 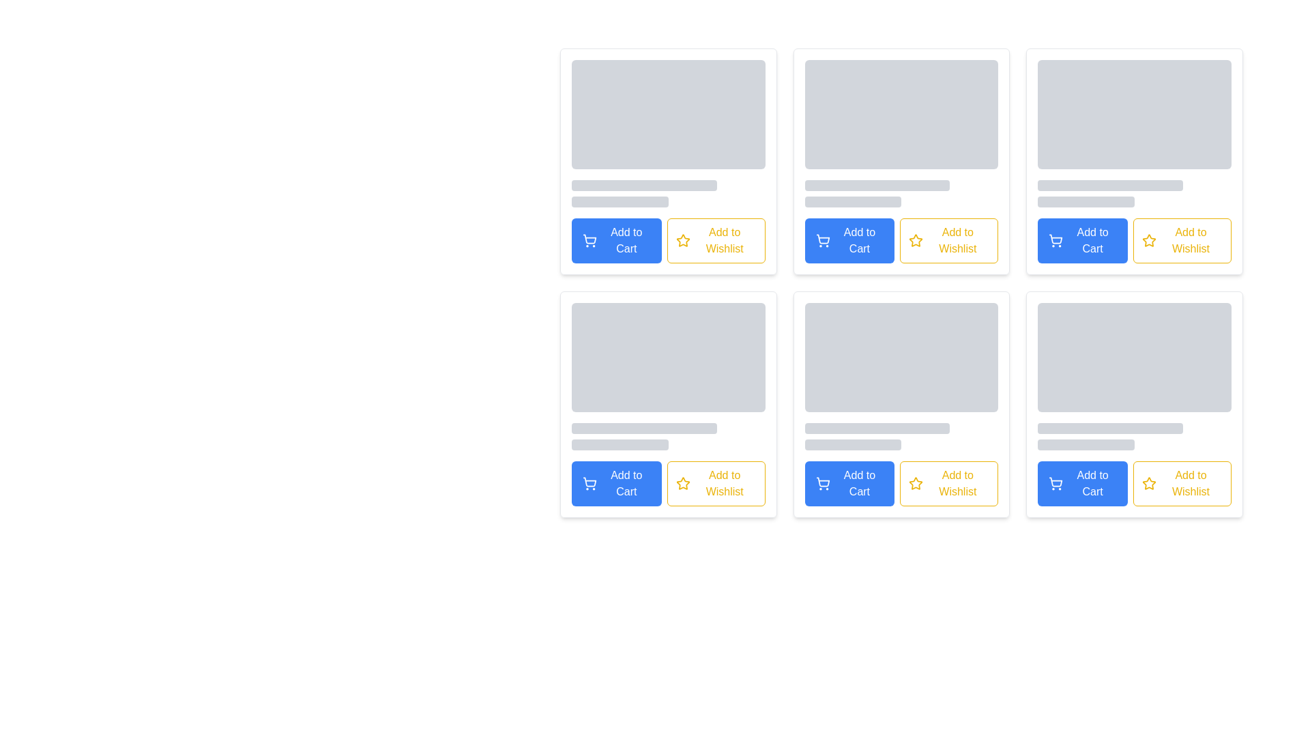 I want to click on the Loading skeleton item, which is a light gray, rounded rectangle positioned in the middle row of a three-row placeholder set, representing a placeholder block, so click(x=877, y=186).